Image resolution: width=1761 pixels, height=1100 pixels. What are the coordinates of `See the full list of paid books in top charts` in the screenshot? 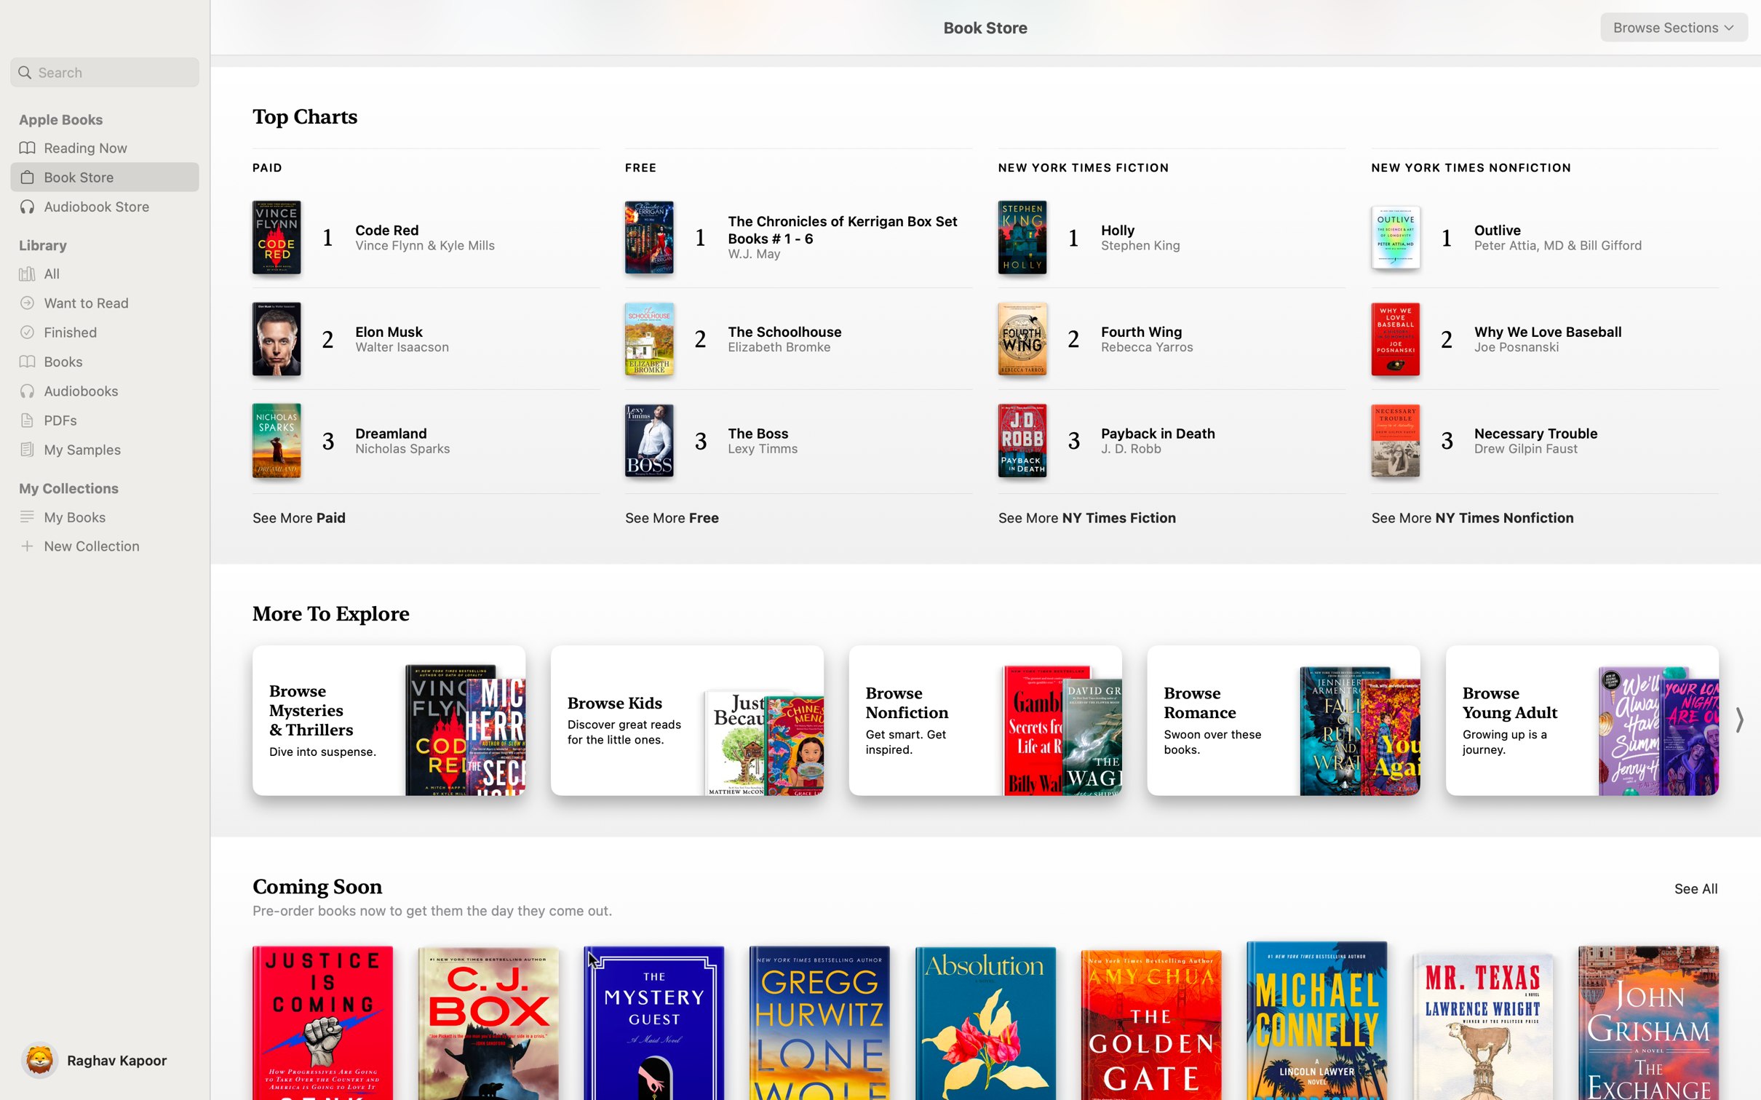 It's located at (300, 514).